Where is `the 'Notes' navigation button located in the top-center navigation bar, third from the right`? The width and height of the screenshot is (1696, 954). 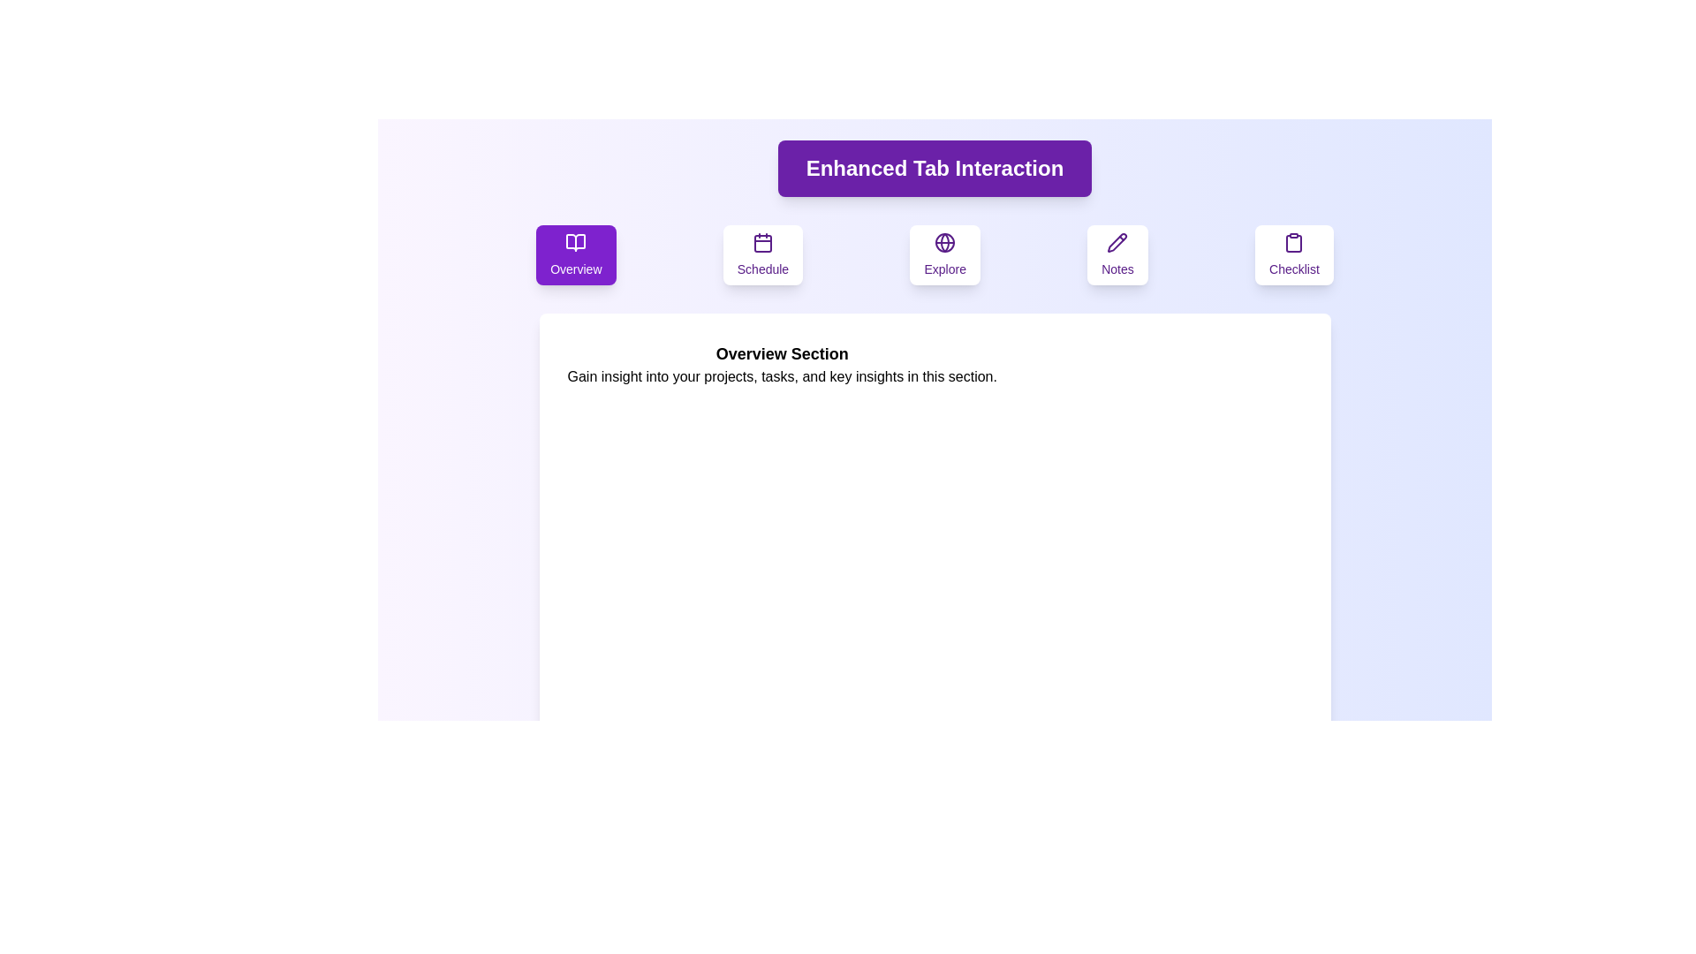
the 'Notes' navigation button located in the top-center navigation bar, third from the right is located at coordinates (1117, 255).